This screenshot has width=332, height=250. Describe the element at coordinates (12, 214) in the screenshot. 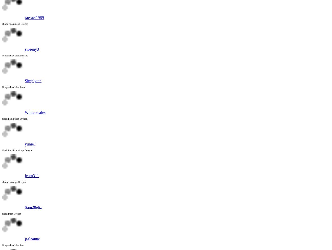

I see `'black meet Oregon'` at that location.